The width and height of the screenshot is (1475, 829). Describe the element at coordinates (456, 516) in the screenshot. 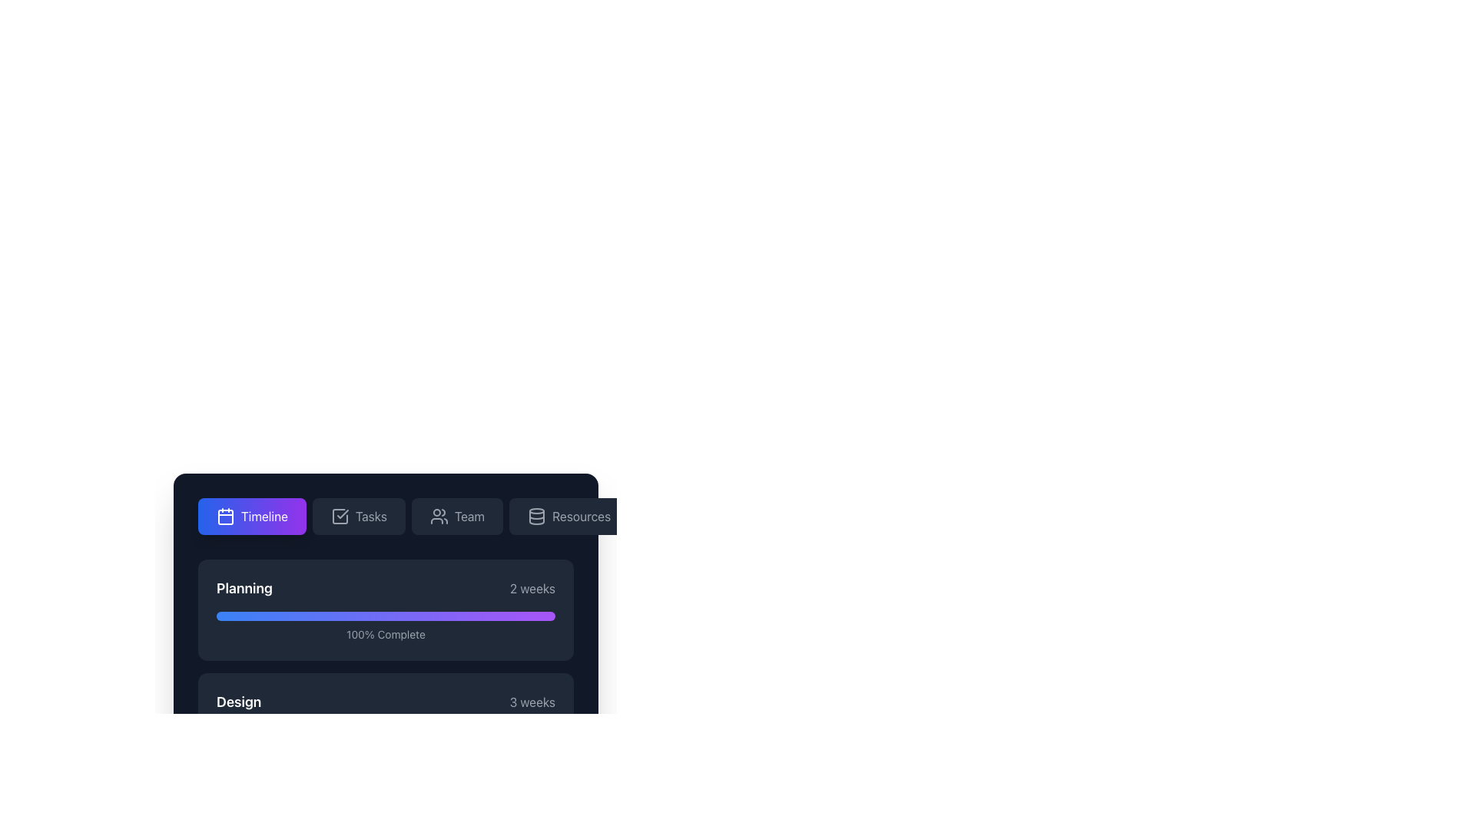

I see `the 'Team' button in the horizontal menu bar` at that location.